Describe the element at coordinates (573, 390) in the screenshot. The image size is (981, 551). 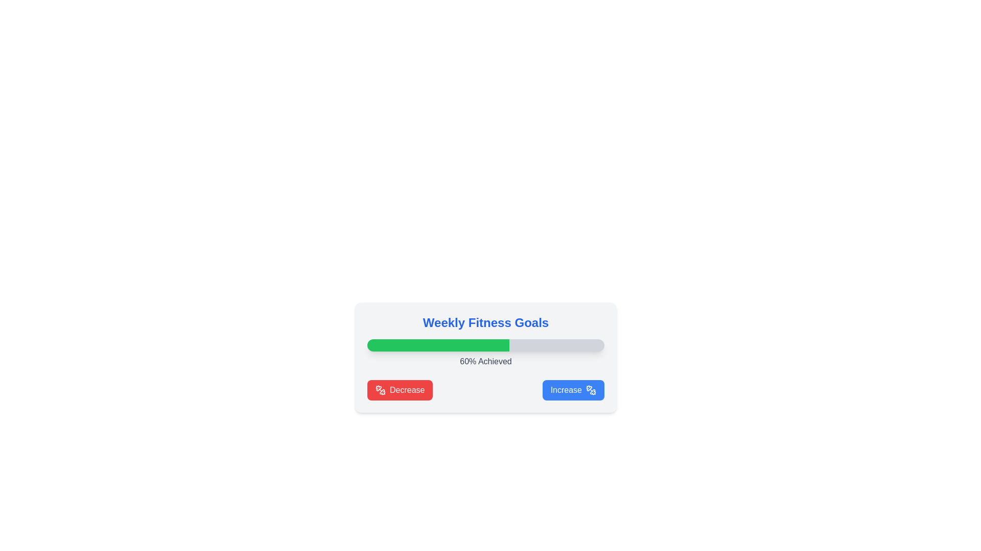
I see `the 'Increase' button with blue background and white text` at that location.